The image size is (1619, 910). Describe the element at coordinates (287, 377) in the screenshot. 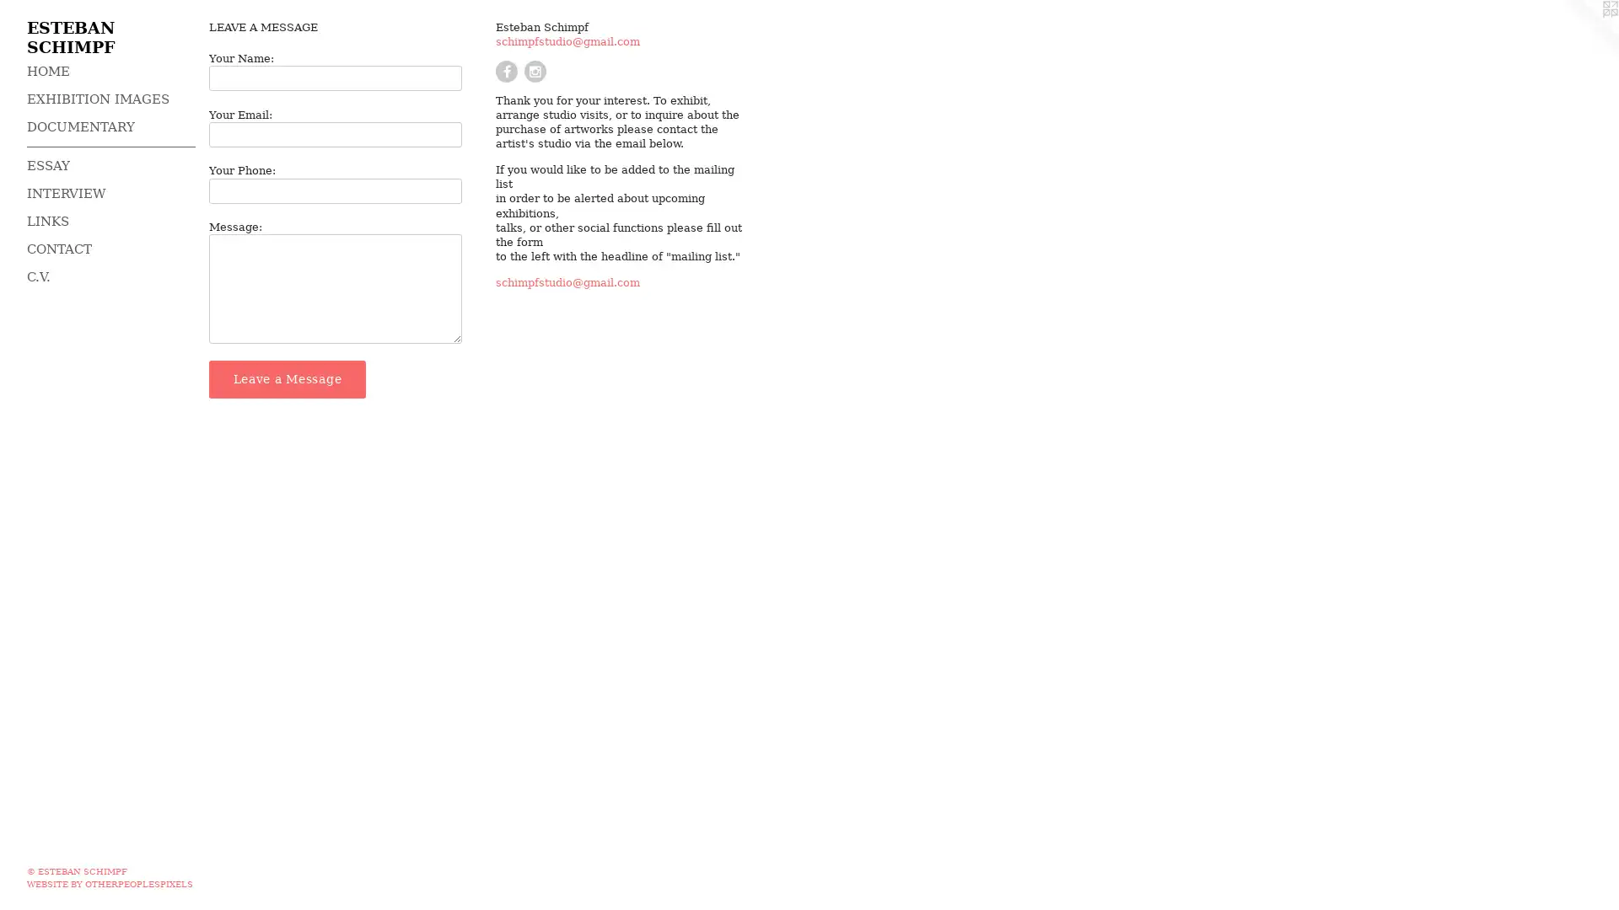

I see `Leave a Message` at that location.